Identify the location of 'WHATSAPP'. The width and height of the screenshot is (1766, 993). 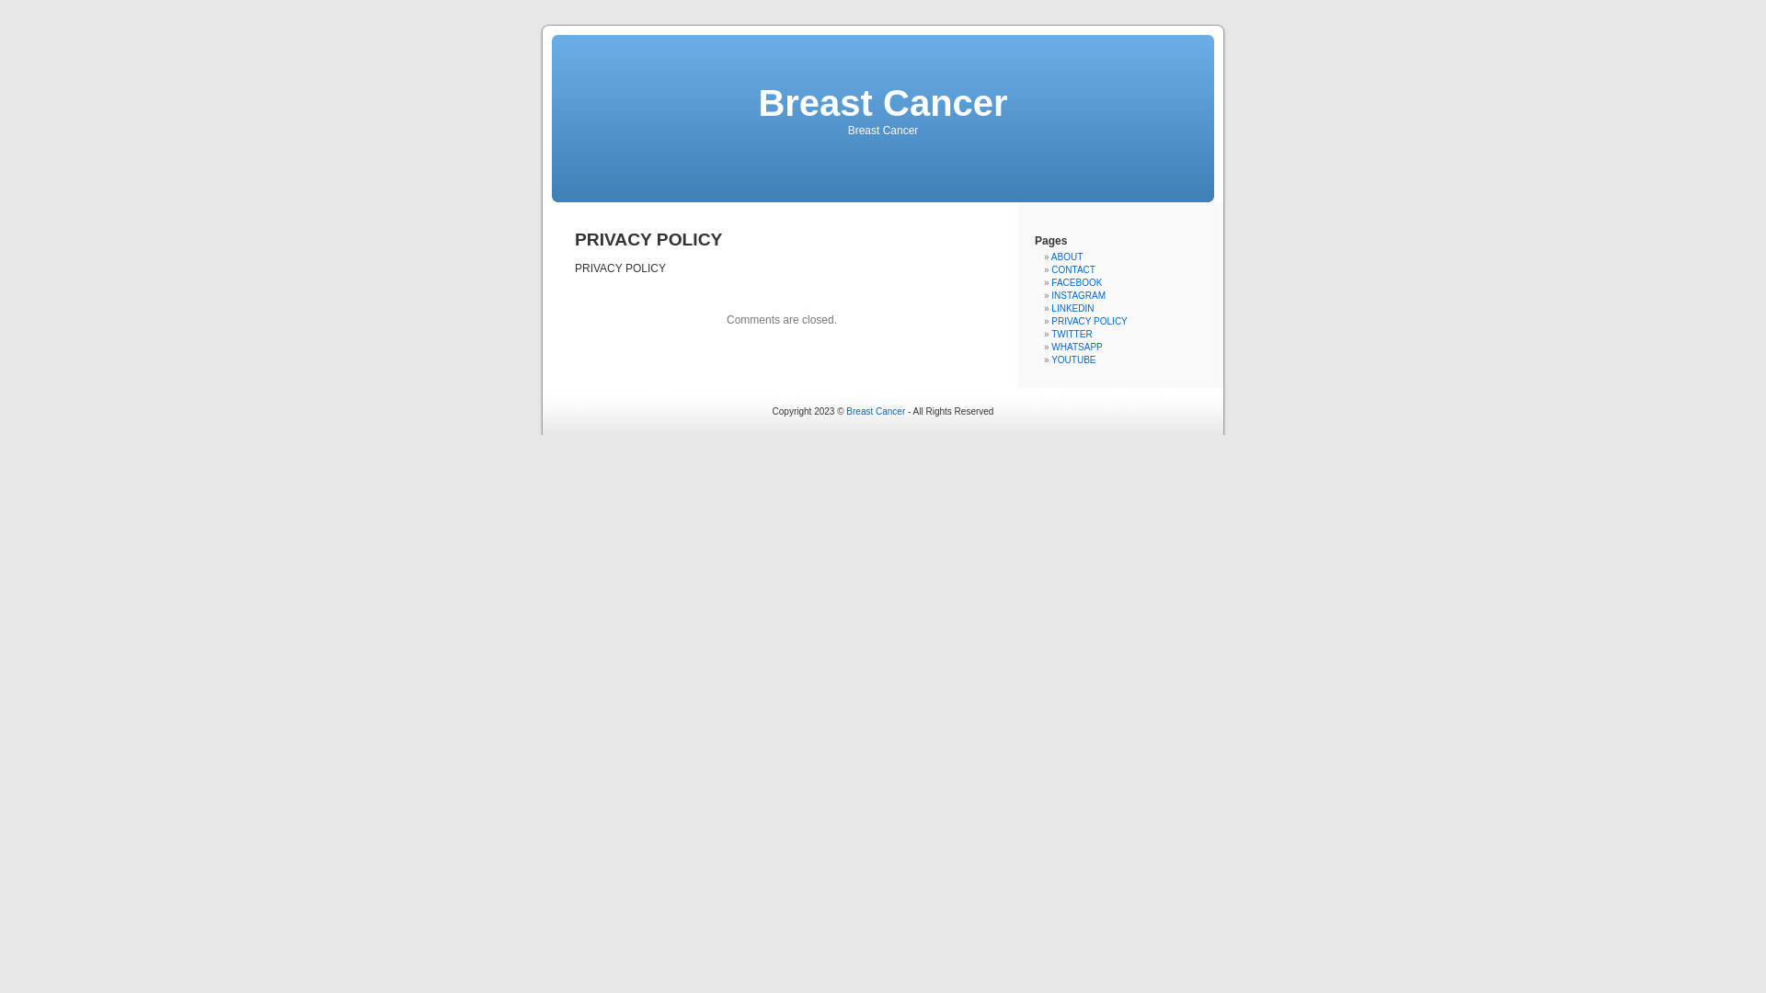
(1076, 347).